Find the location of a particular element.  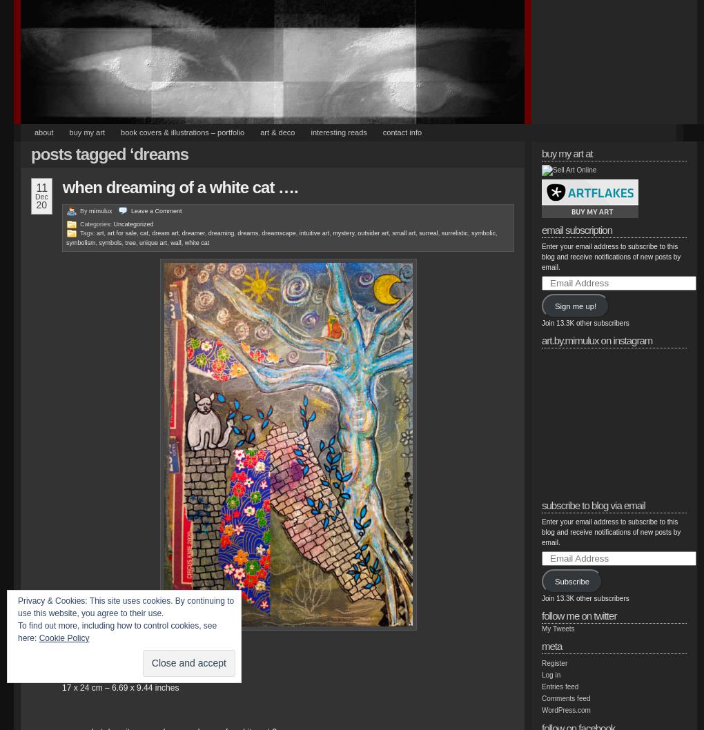

'Interesting Reads' is located at coordinates (338, 132).